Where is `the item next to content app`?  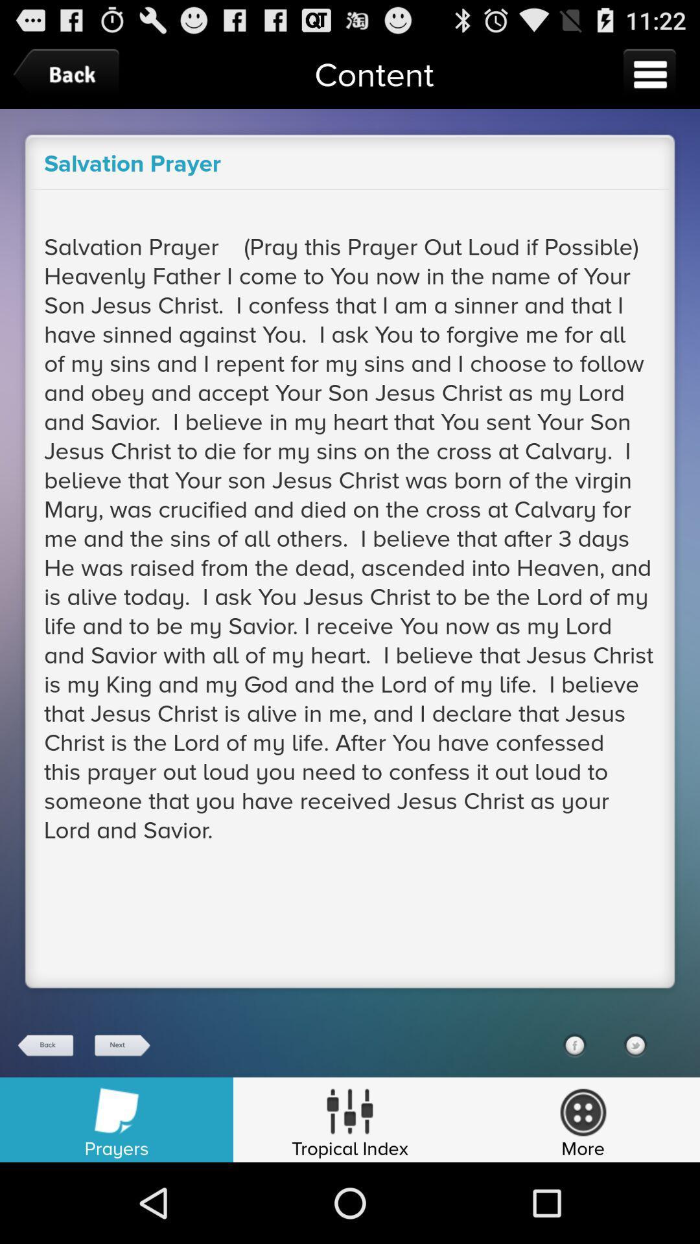 the item next to content app is located at coordinates (649, 74).